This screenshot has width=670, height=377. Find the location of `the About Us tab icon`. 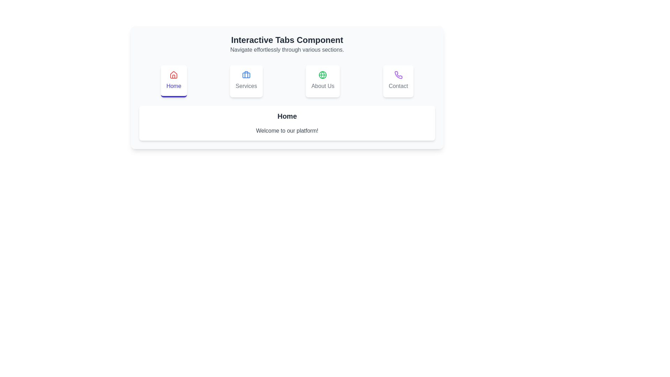

the About Us tab icon is located at coordinates (322, 81).